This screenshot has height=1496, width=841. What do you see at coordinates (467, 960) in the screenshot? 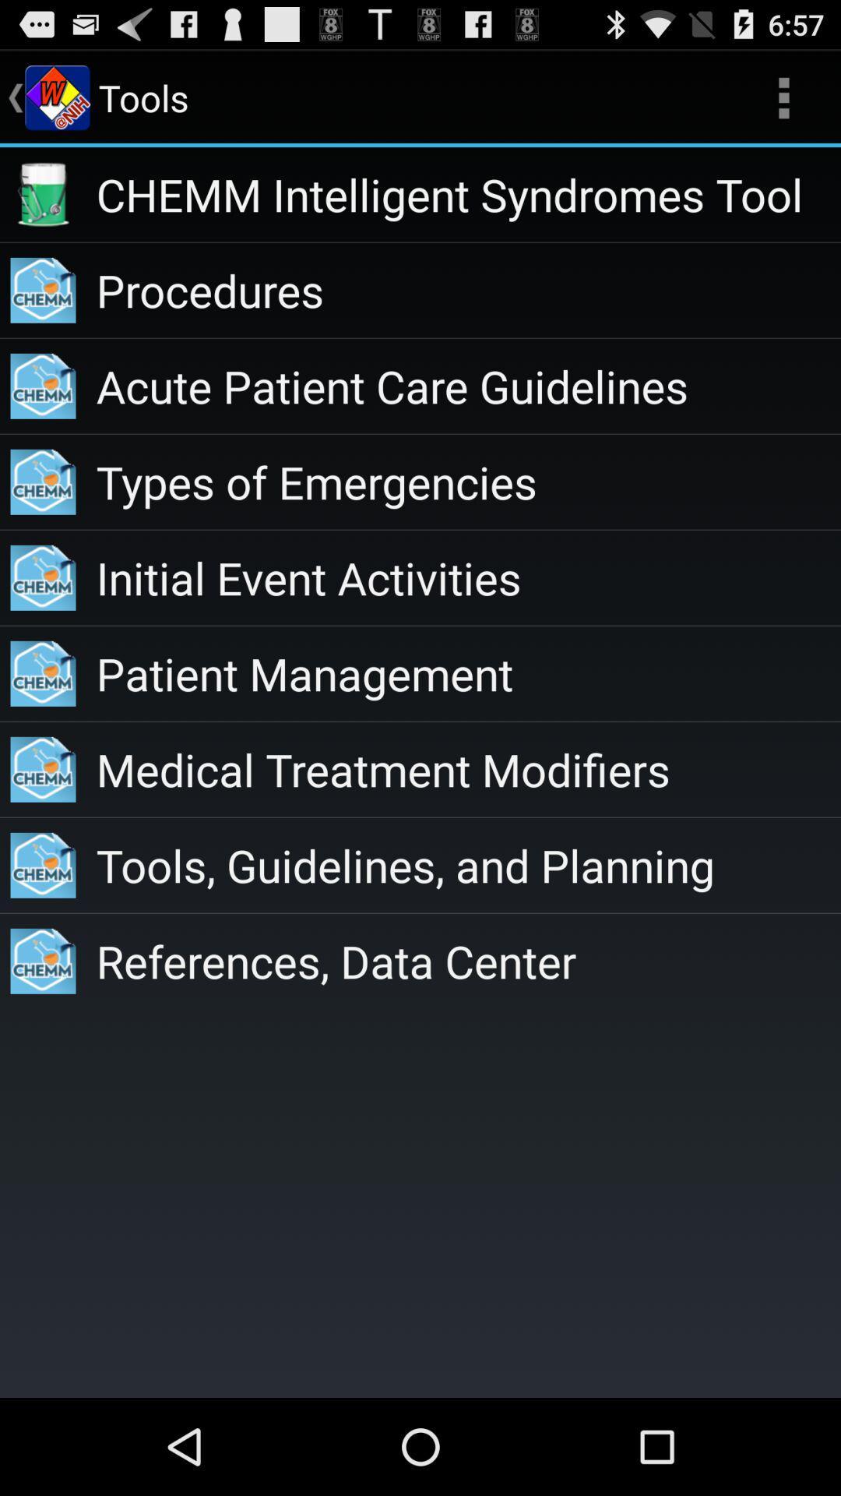
I see `references, data center item` at bounding box center [467, 960].